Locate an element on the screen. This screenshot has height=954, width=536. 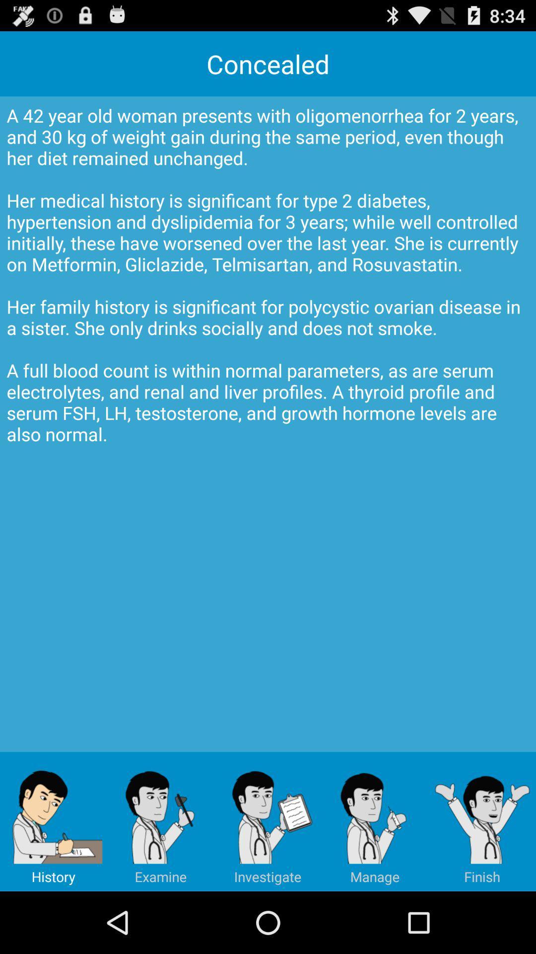
icon below a 42 year is located at coordinates (268, 821).